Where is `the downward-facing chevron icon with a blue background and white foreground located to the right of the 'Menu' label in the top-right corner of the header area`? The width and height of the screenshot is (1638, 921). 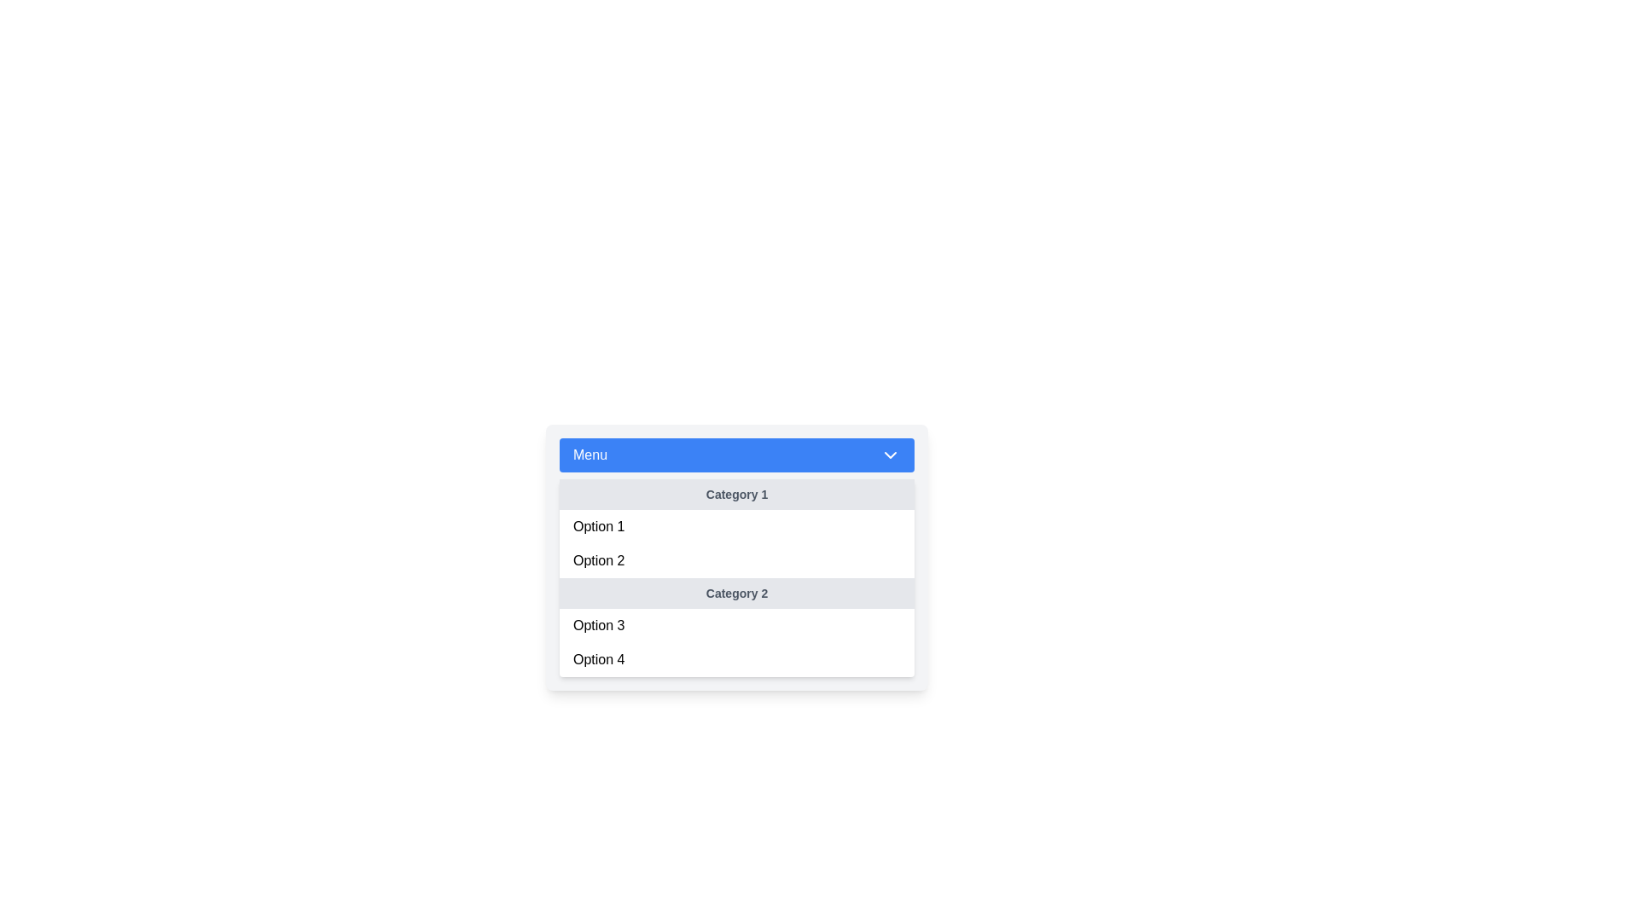 the downward-facing chevron icon with a blue background and white foreground located to the right of the 'Menu' label in the top-right corner of the header area is located at coordinates (889, 454).